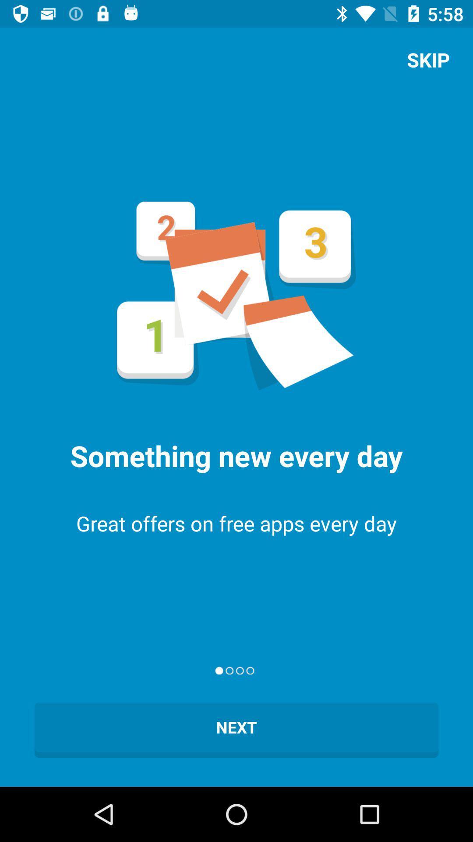 The width and height of the screenshot is (473, 842). Describe the element at coordinates (236, 730) in the screenshot. I see `the next button` at that location.